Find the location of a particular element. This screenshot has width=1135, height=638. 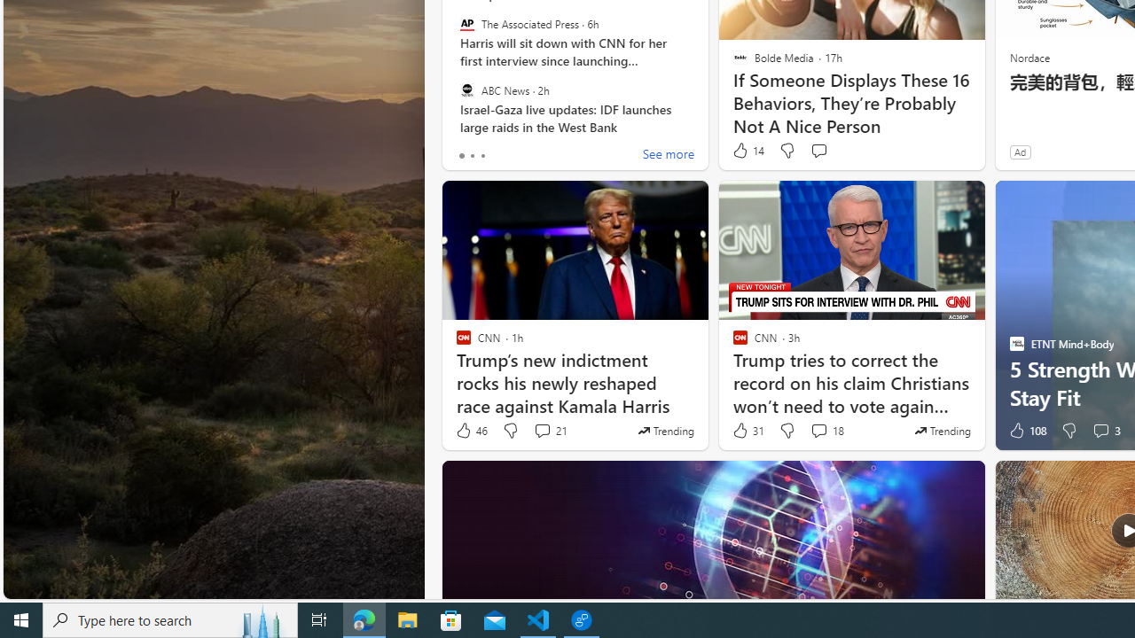

'31 Like' is located at coordinates (748, 431).